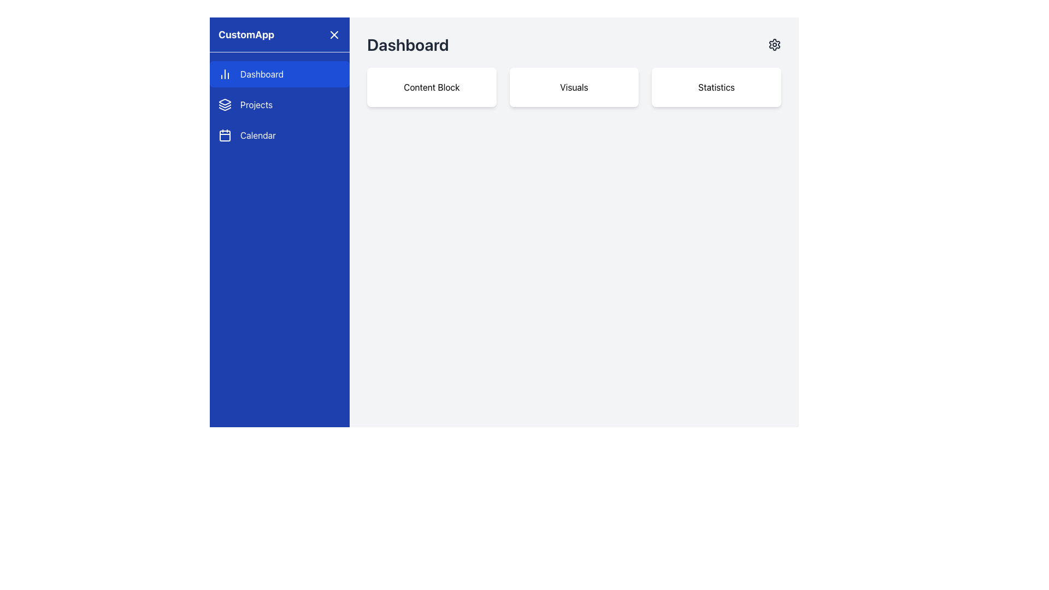  What do you see at coordinates (431, 86) in the screenshot?
I see `the card with a white background and the text 'Content Block' in bold black font, located at the top left of the grid layout` at bounding box center [431, 86].